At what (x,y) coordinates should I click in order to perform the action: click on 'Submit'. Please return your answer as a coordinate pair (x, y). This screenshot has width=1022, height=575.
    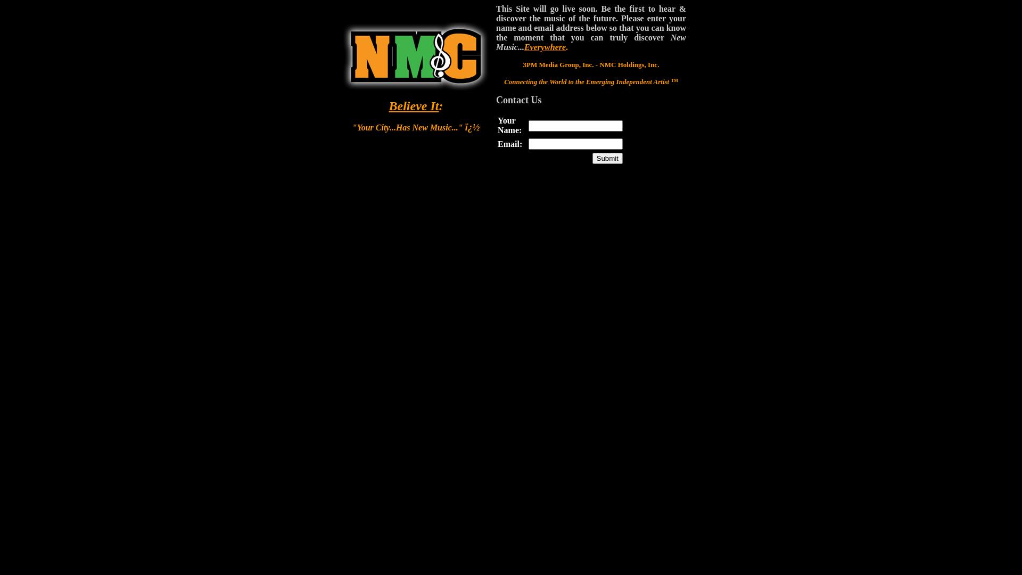
    Looking at the image, I should click on (607, 158).